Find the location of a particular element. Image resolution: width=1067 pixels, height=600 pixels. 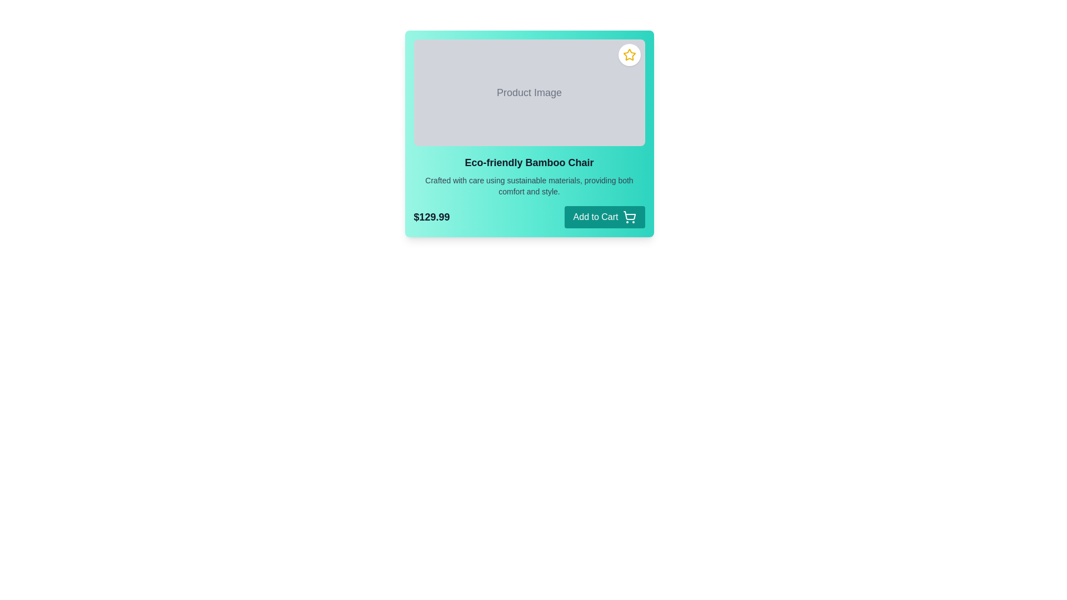

title 'Eco-friendly Bamboo Chair' displayed in bold text within a light teal card layout, located just below the product image is located at coordinates (528, 163).